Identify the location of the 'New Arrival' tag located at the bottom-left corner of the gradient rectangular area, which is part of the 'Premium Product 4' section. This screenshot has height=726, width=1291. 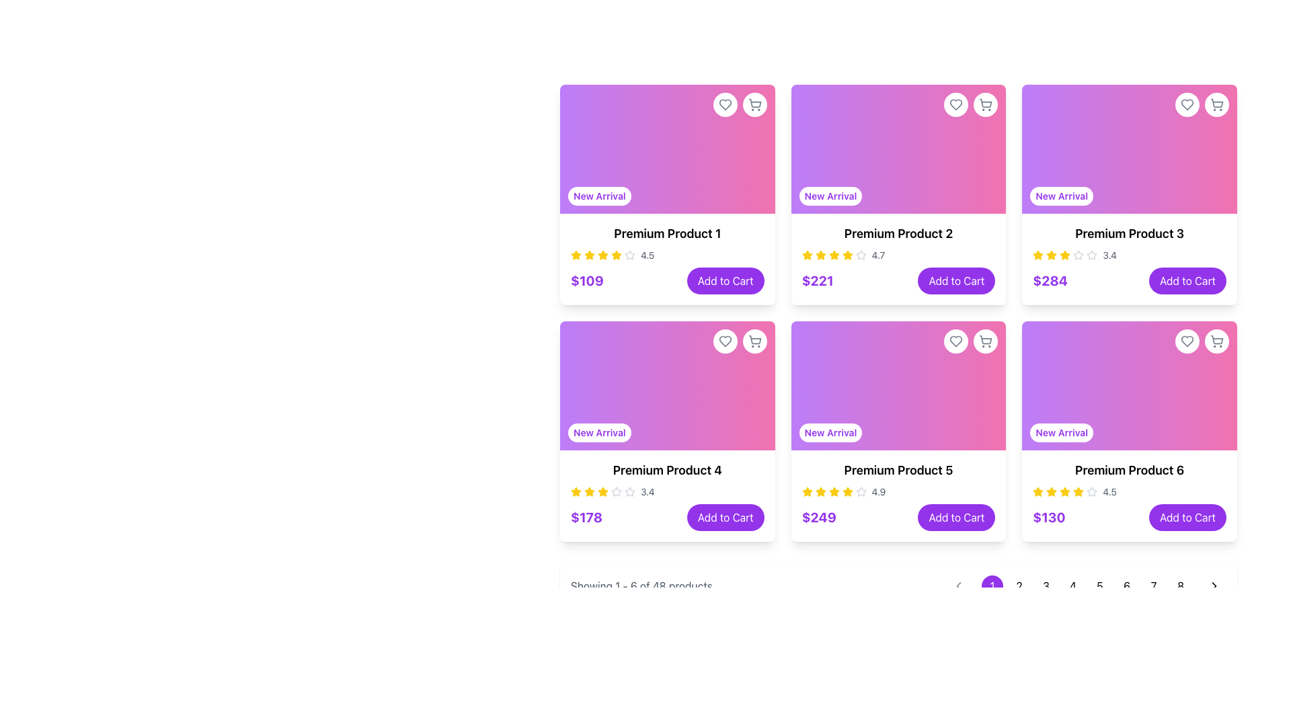
(667, 386).